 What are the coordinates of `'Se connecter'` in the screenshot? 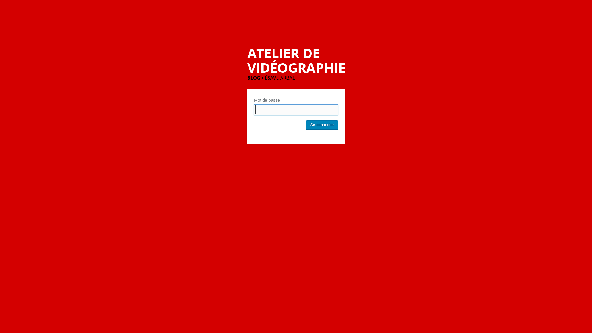 It's located at (322, 125).